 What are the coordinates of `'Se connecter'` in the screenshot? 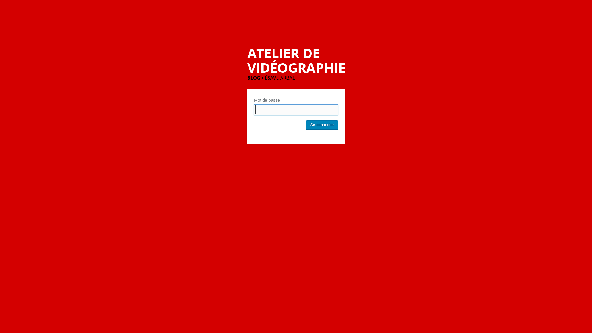 It's located at (322, 125).